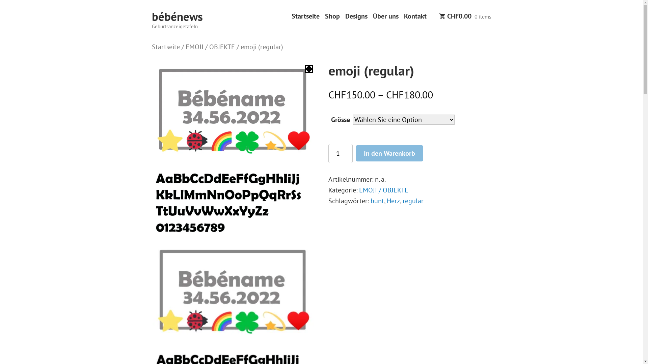 Image resolution: width=648 pixels, height=364 pixels. I want to click on 'EMOJI / OBJEKTE', so click(384, 190).